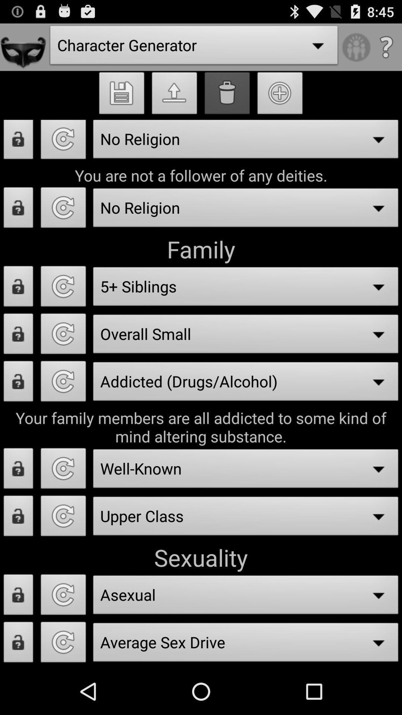 This screenshot has width=402, height=715. Describe the element at coordinates (18, 689) in the screenshot. I see `the lock icon` at that location.